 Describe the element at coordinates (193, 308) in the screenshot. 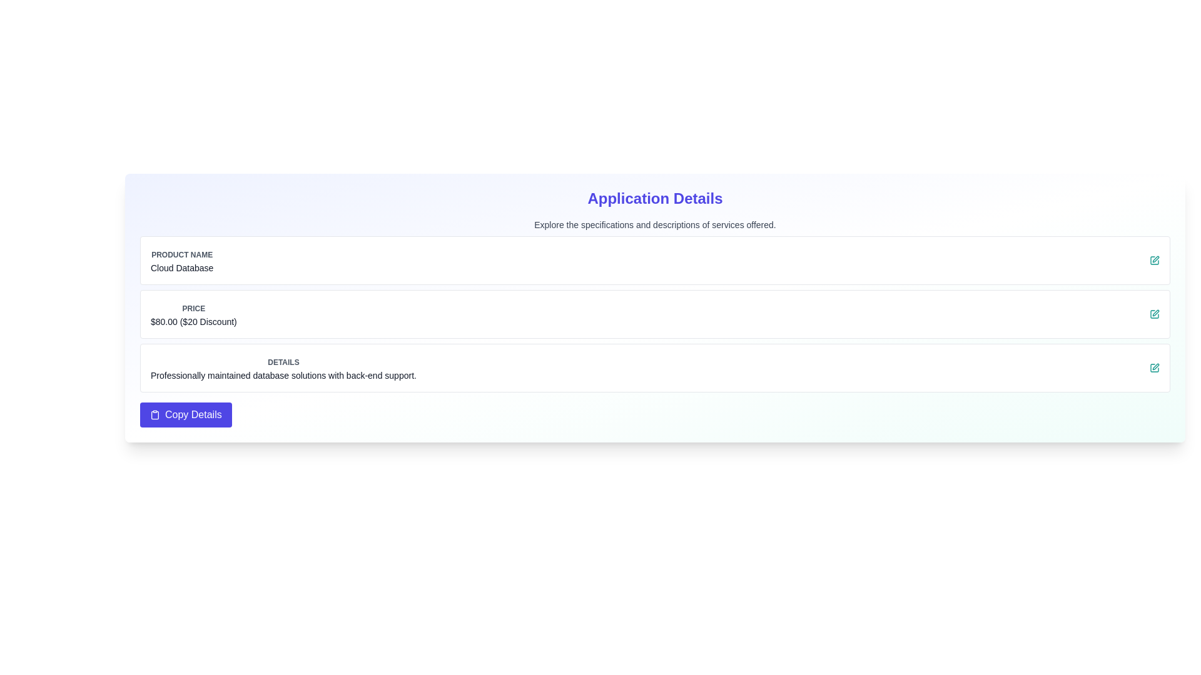

I see `the text label that identifies the subsequent data as price-related information, located in the middle portion of the interface, above the pricing details` at that location.